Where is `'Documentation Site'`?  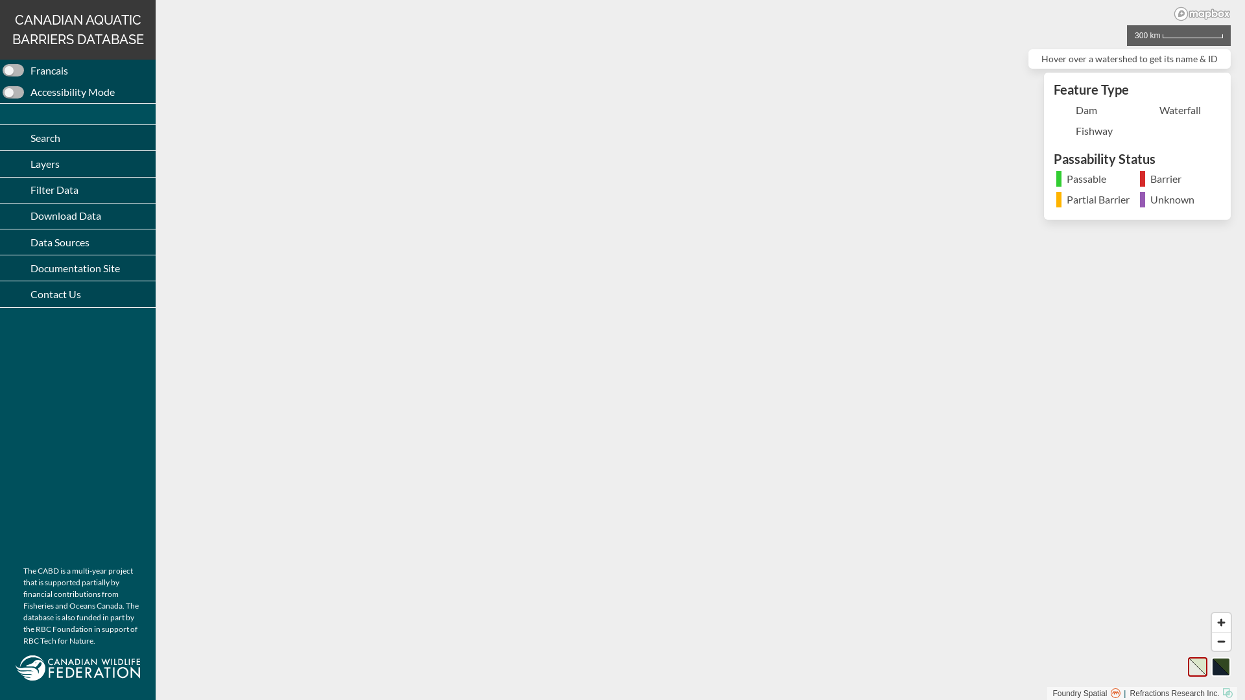
'Documentation Site' is located at coordinates (77, 267).